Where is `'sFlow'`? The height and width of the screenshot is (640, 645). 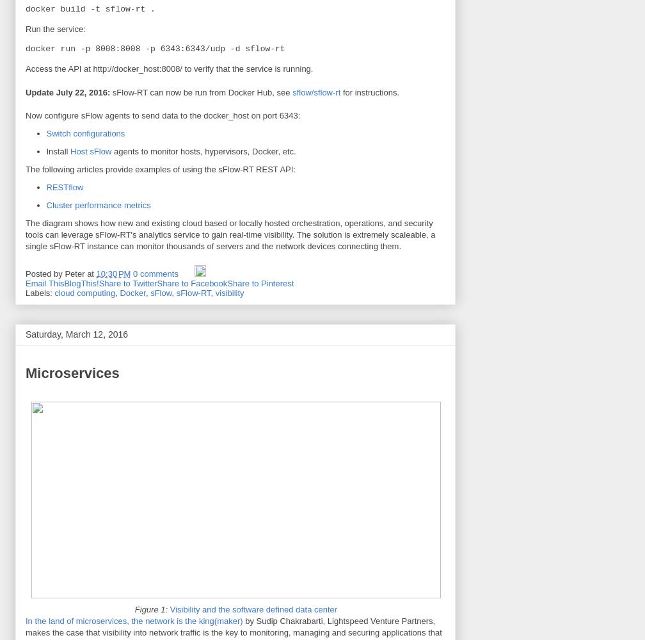
'sFlow' is located at coordinates (161, 292).